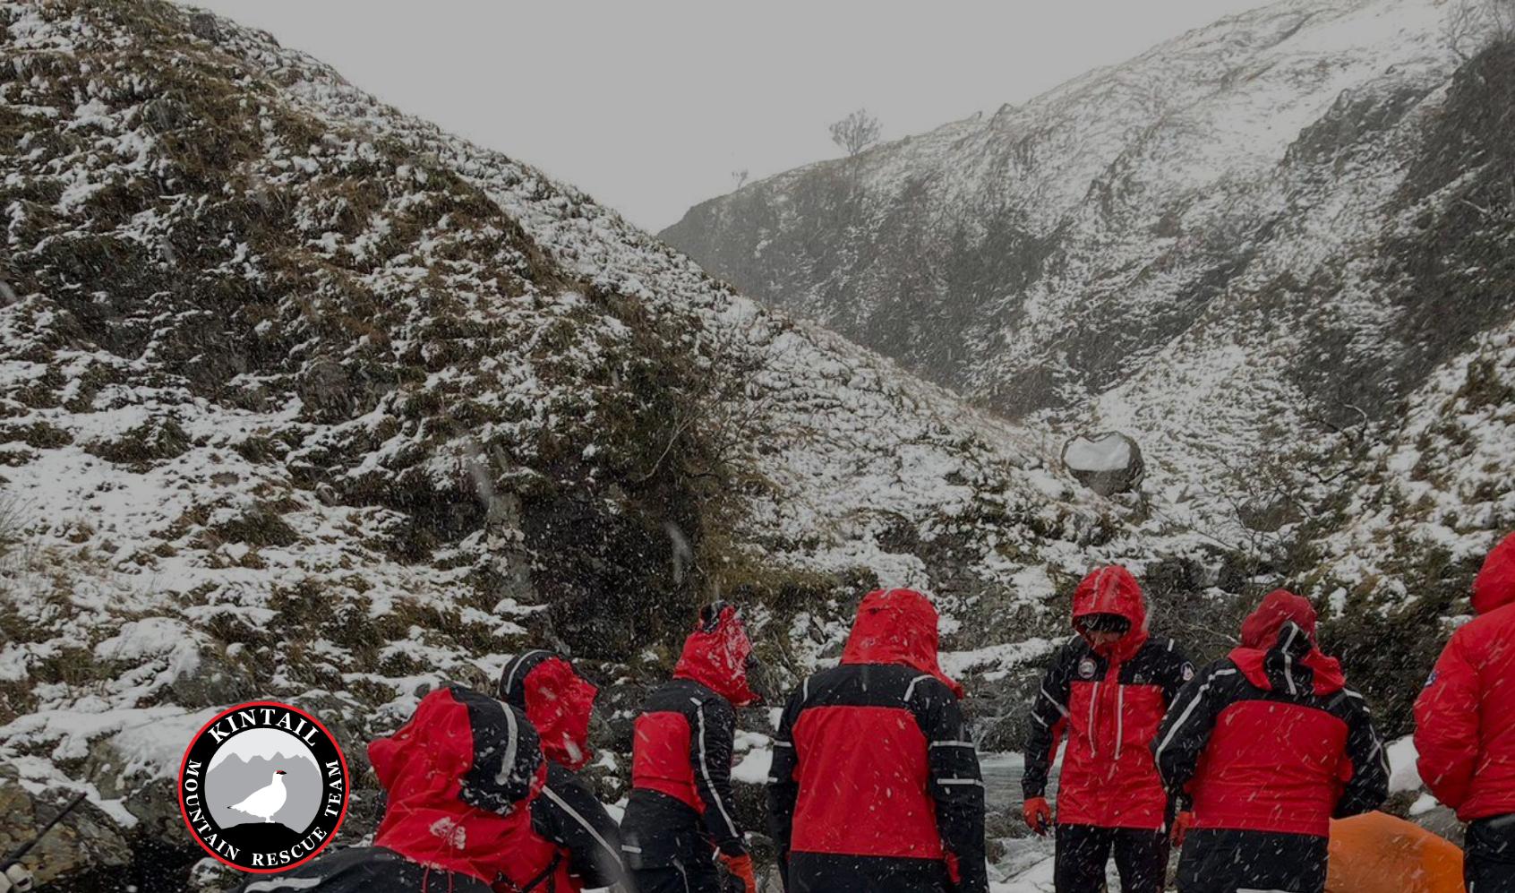 The width and height of the screenshot is (1515, 893). I want to click on '12/06/2023', so click(514, 652).